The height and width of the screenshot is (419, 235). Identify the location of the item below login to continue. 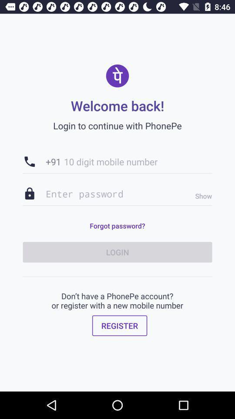
(117, 161).